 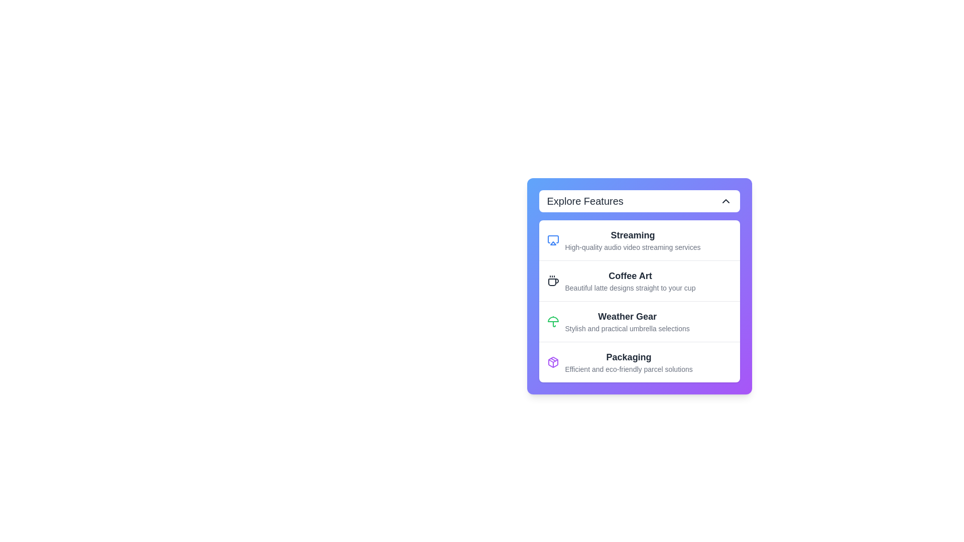 What do you see at coordinates (552, 321) in the screenshot?
I see `the 'Weather Gear' icon located at the top-left corner of the 'Weather Gear' section in the 'Explore Features' menu` at bounding box center [552, 321].